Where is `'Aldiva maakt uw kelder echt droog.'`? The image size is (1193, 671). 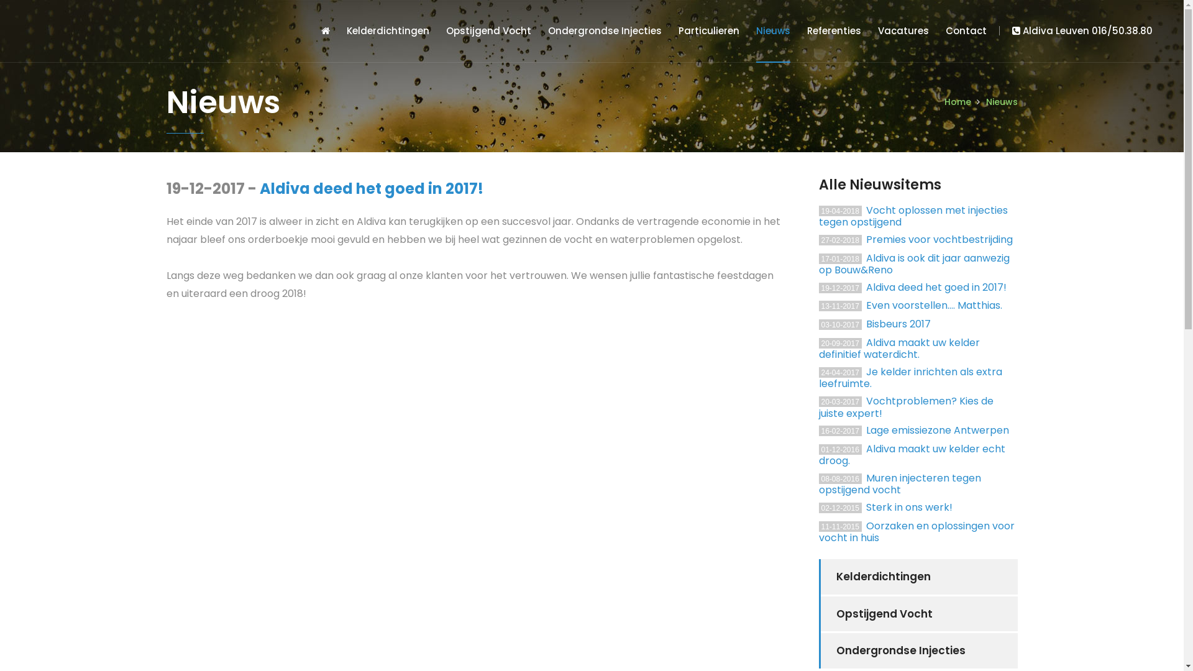
'Aldiva maakt uw kelder echt droog.' is located at coordinates (912, 455).